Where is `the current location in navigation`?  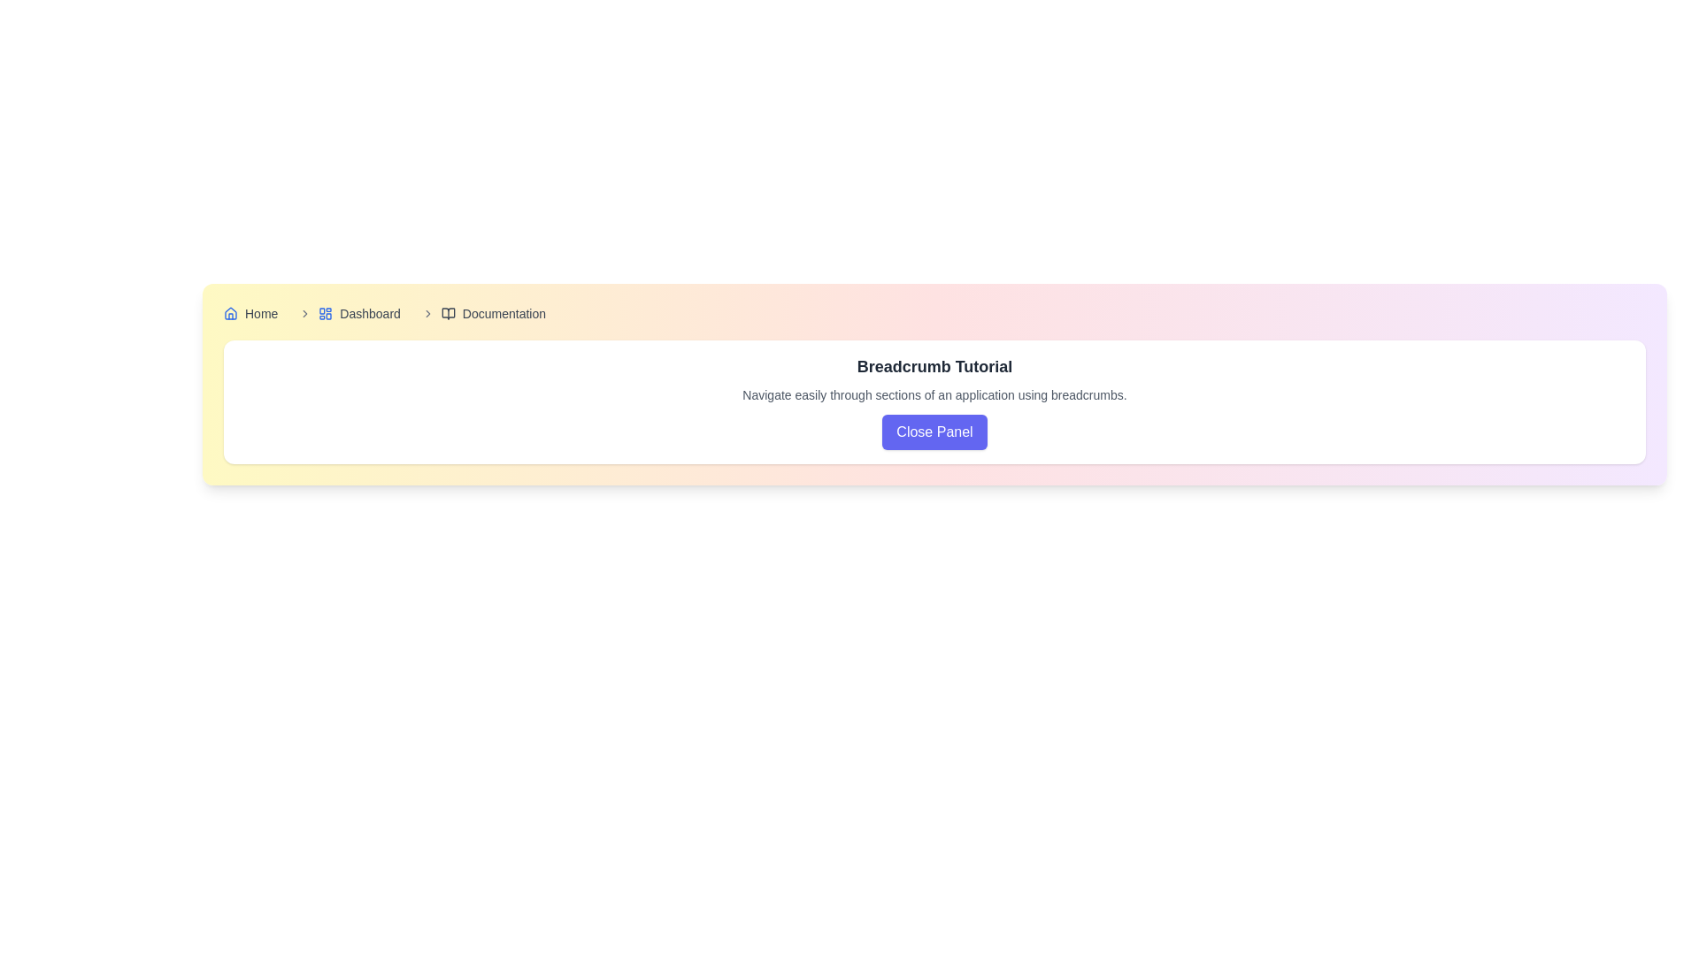 the current location in navigation is located at coordinates (503, 312).